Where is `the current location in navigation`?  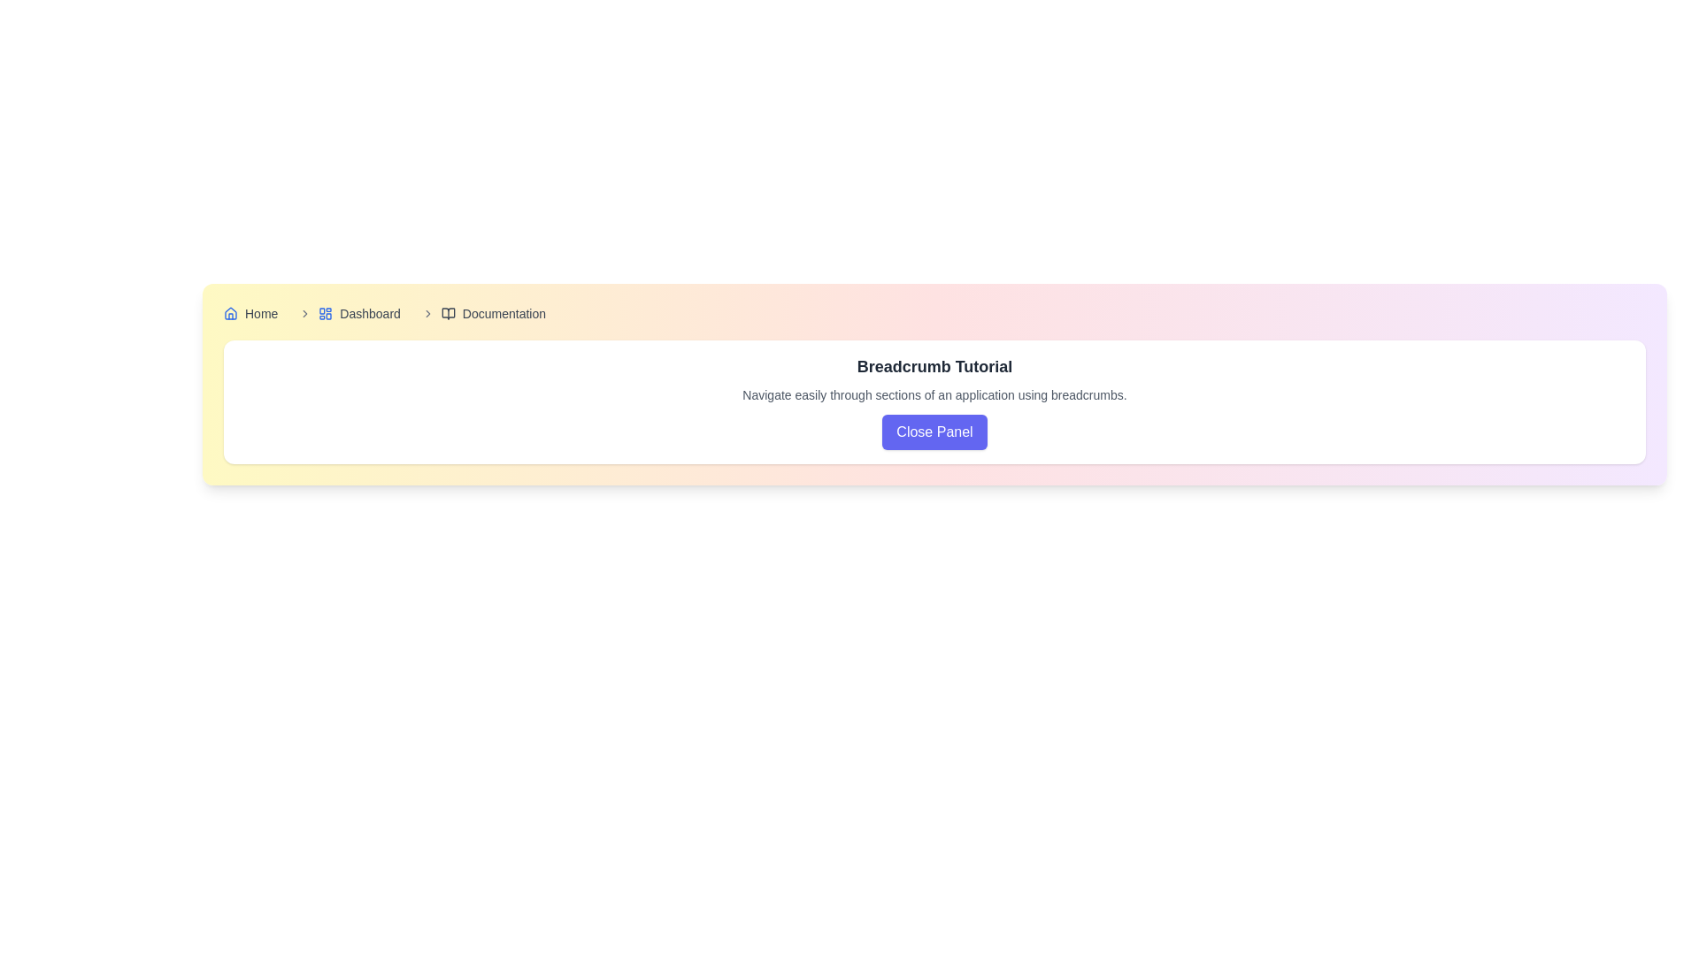 the current location in navigation is located at coordinates (503, 312).